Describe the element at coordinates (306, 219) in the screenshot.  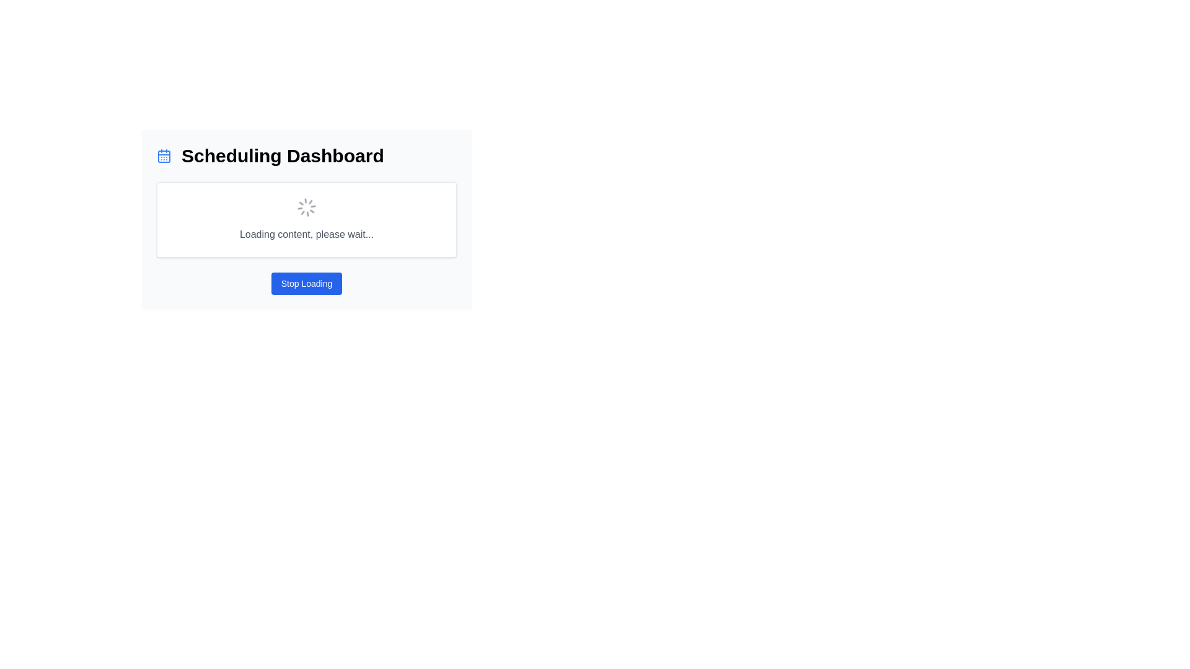
I see `displayed text from the loading indicator located centrally below the 'Scheduling Dashboard' headline and above the 'Stop Loading' button` at that location.